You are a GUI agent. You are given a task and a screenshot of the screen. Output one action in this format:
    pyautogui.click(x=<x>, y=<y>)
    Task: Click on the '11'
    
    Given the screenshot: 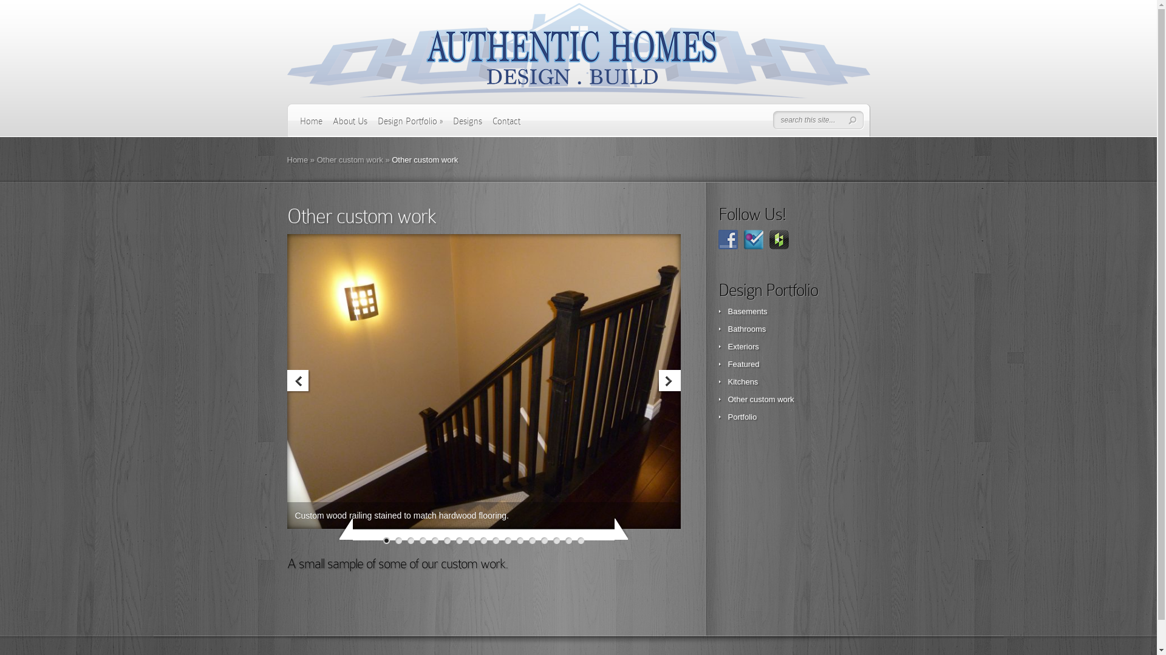 What is the action you would take?
    pyautogui.click(x=504, y=540)
    